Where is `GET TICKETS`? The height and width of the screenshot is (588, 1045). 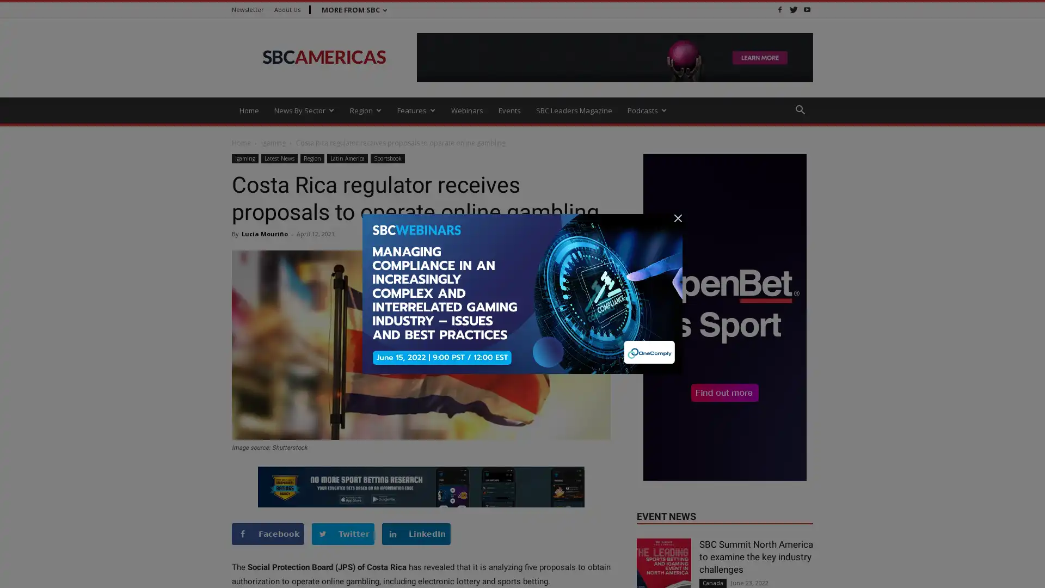 GET TICKETS is located at coordinates (678, 572).